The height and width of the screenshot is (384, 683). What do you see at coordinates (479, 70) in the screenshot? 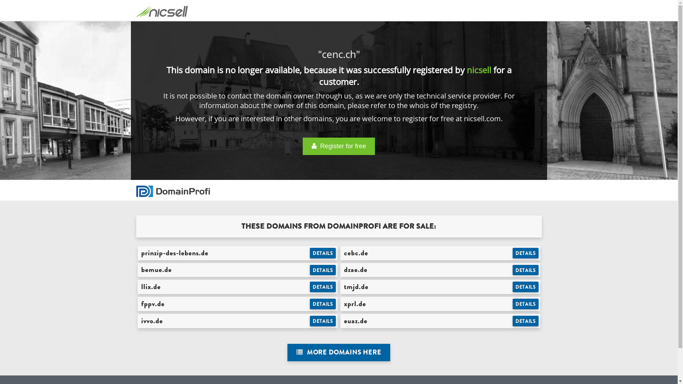
I see `'nicsell'` at bounding box center [479, 70].